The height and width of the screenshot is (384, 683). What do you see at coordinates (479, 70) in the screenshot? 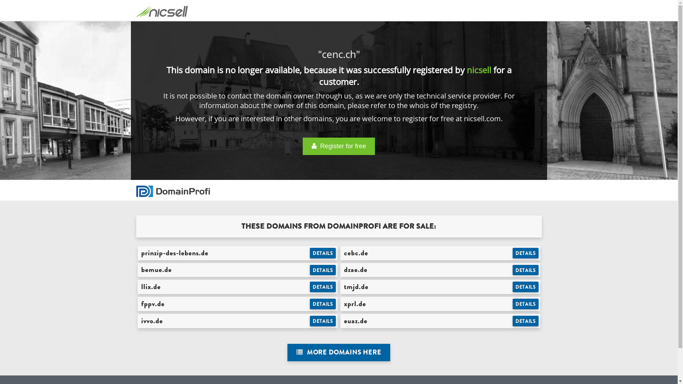
I see `'nicsell'` at bounding box center [479, 70].